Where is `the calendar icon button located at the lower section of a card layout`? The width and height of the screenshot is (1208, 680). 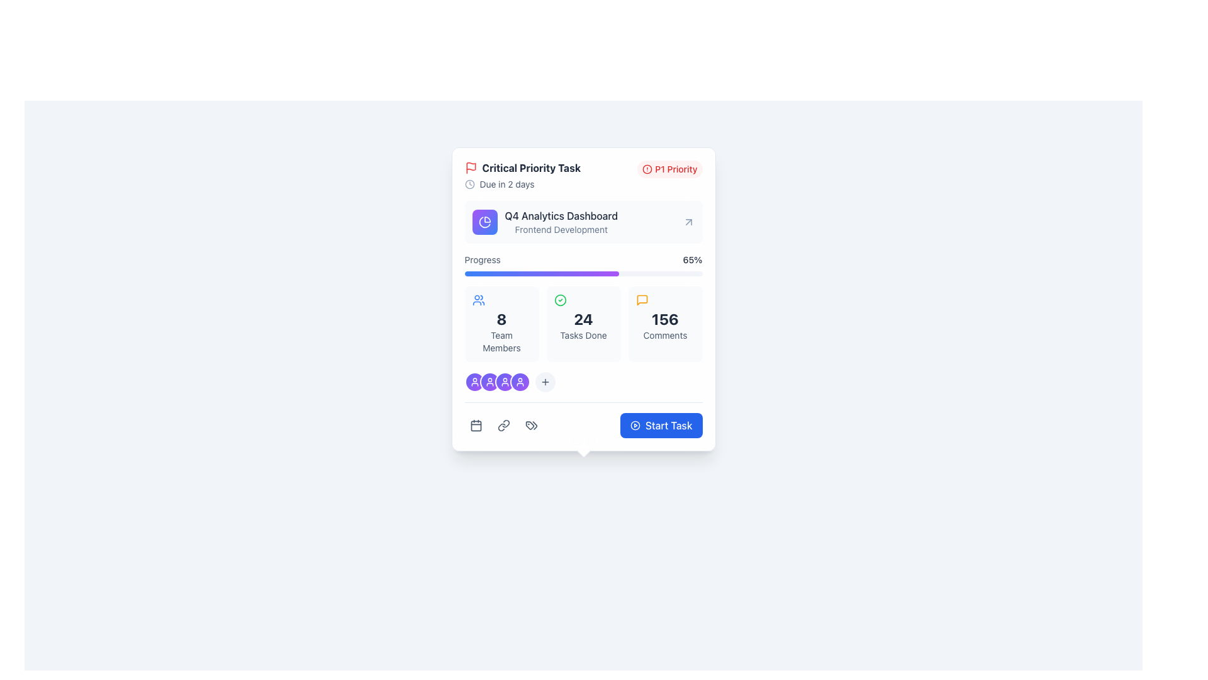
the calendar icon button located at the lower section of a card layout is located at coordinates (475, 425).